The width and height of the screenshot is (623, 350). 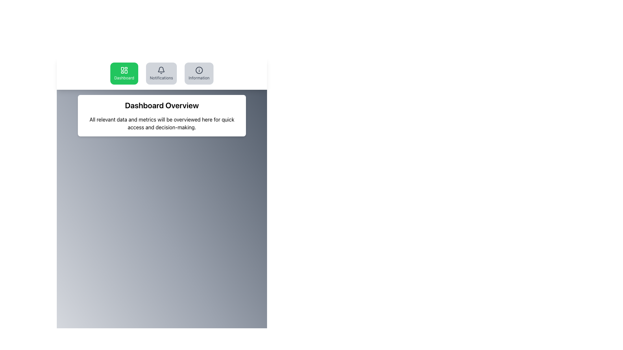 What do you see at coordinates (161, 70) in the screenshot?
I see `the bell icon representing notifications` at bounding box center [161, 70].